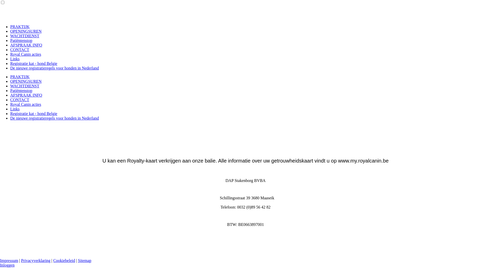  I want to click on 'Inloggen', so click(7, 265).